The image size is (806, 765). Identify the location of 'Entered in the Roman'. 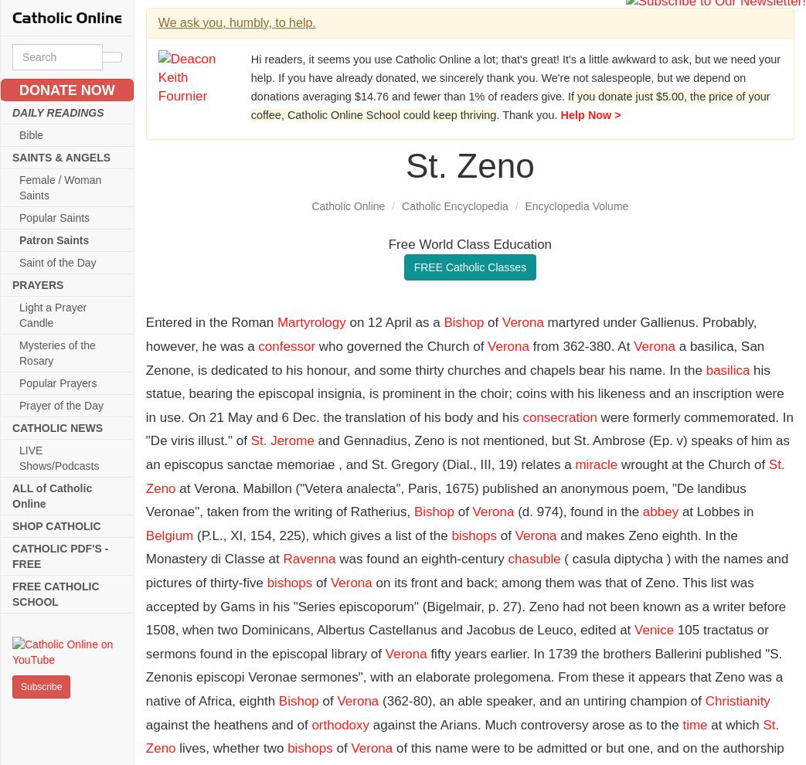
(210, 321).